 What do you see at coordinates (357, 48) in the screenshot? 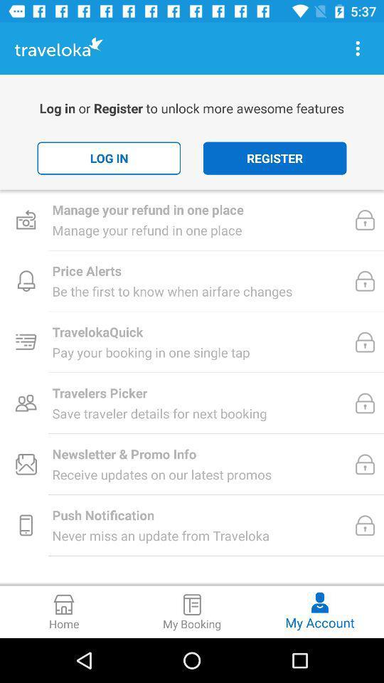
I see `options` at bounding box center [357, 48].